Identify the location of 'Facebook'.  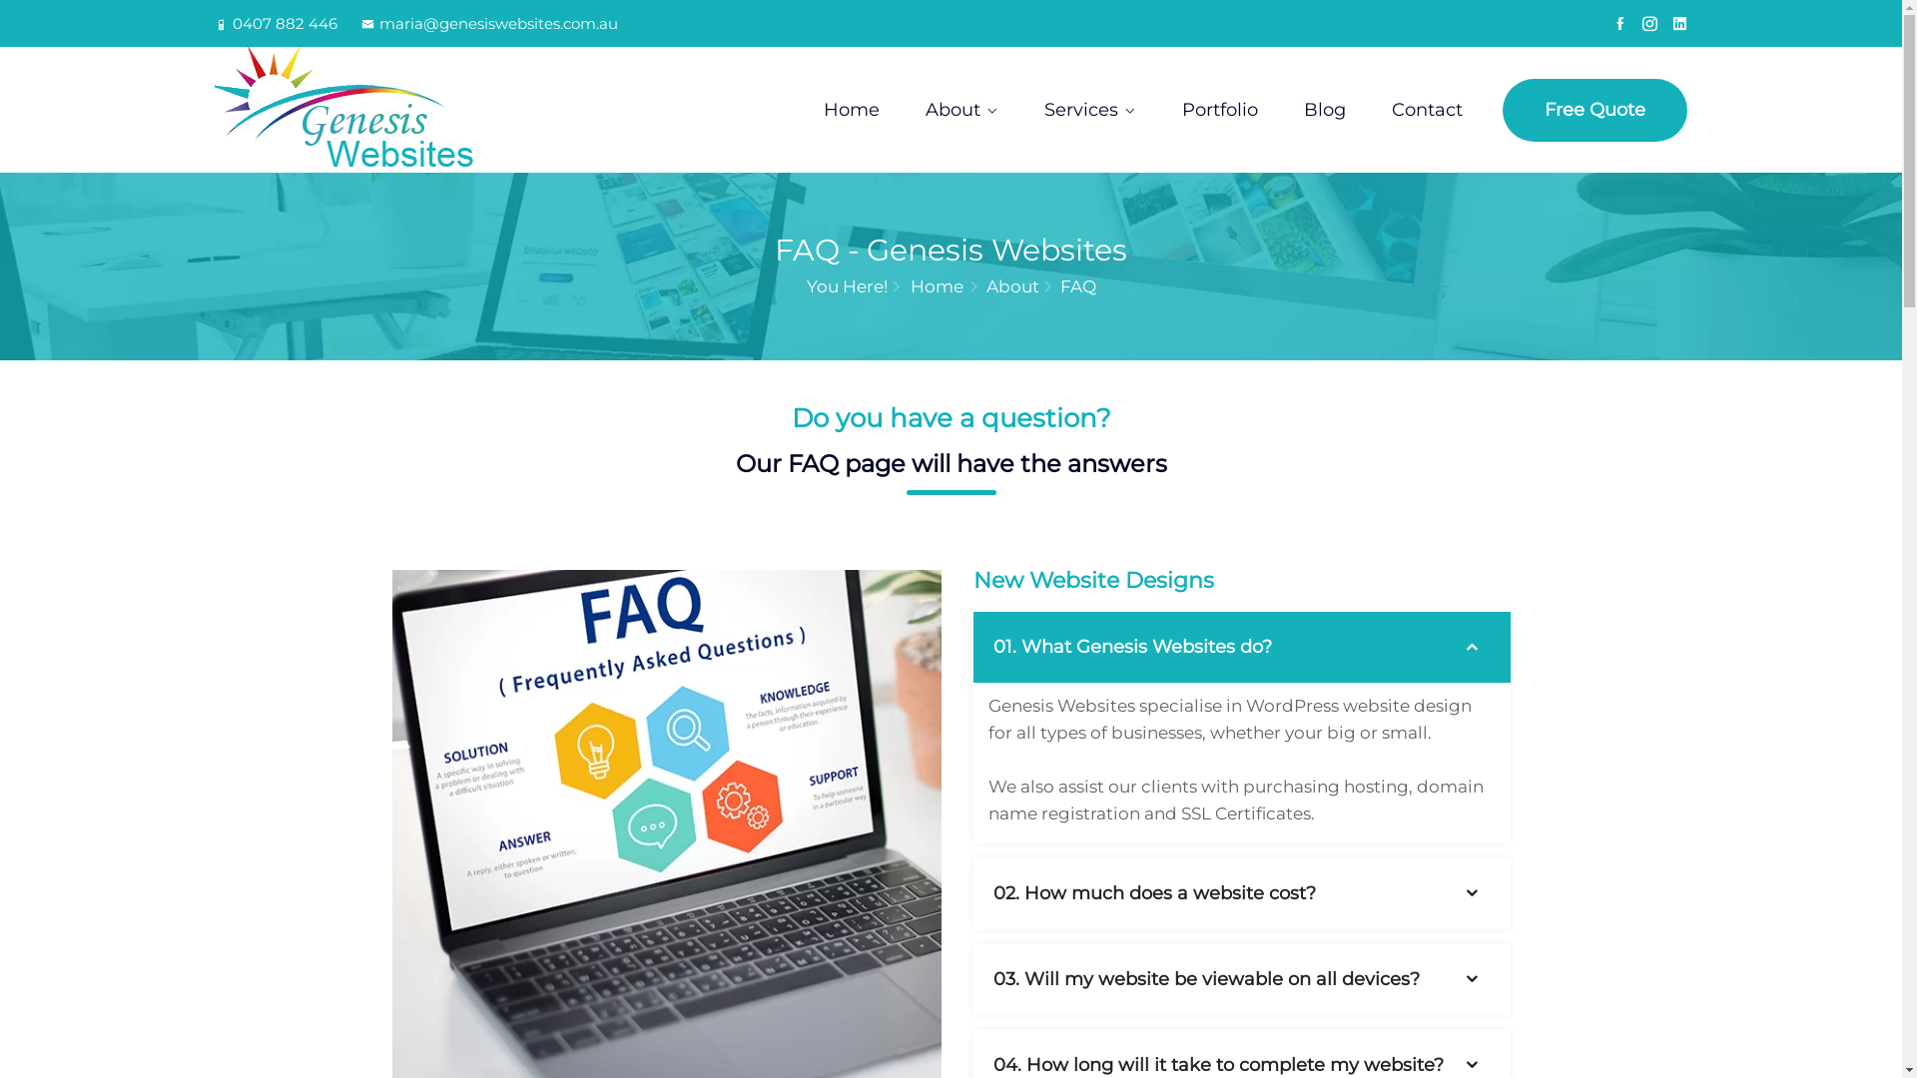
(1619, 23).